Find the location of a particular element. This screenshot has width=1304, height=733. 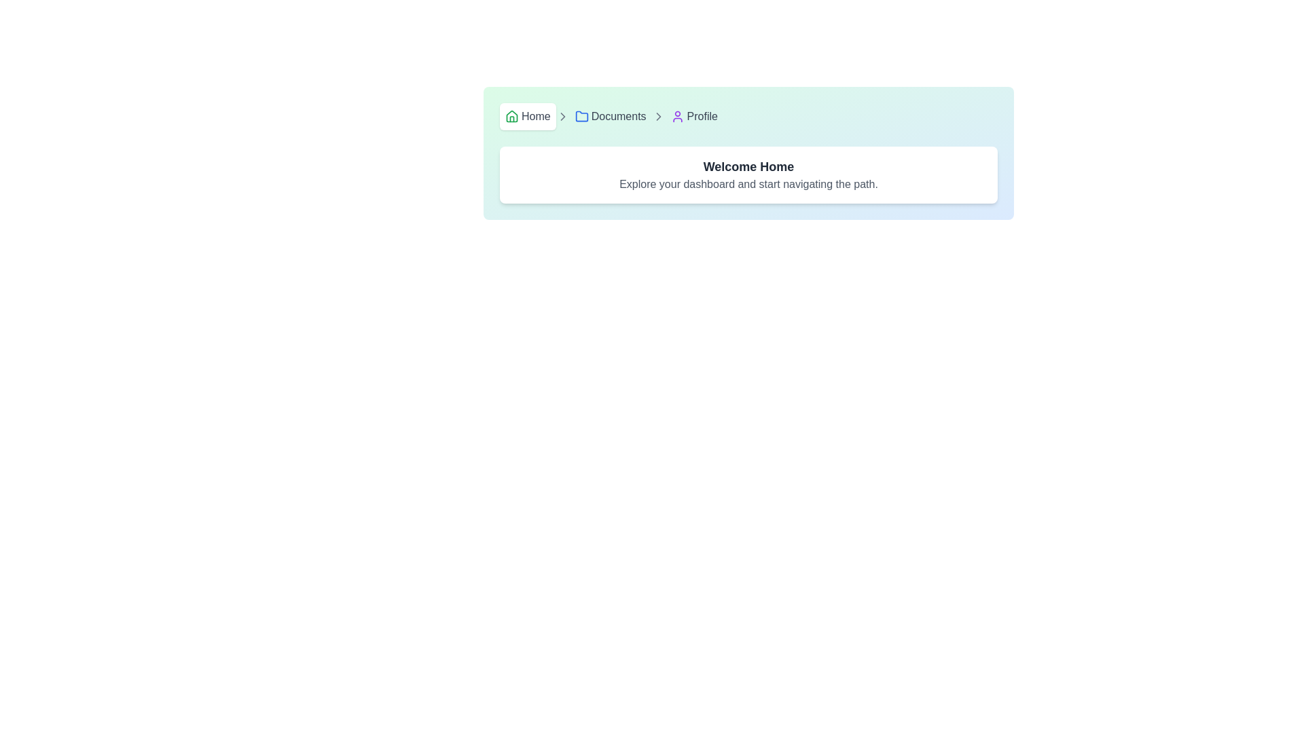

the right-pointing arrow icon in the breadcrumb navigation bar, which is positioned between the 'Home' label and the 'Documents' link is located at coordinates (562, 116).